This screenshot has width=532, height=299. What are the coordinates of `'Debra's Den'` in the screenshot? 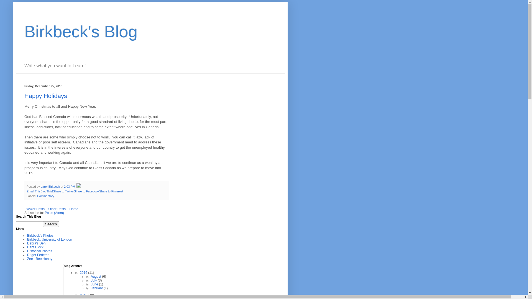 It's located at (36, 243).